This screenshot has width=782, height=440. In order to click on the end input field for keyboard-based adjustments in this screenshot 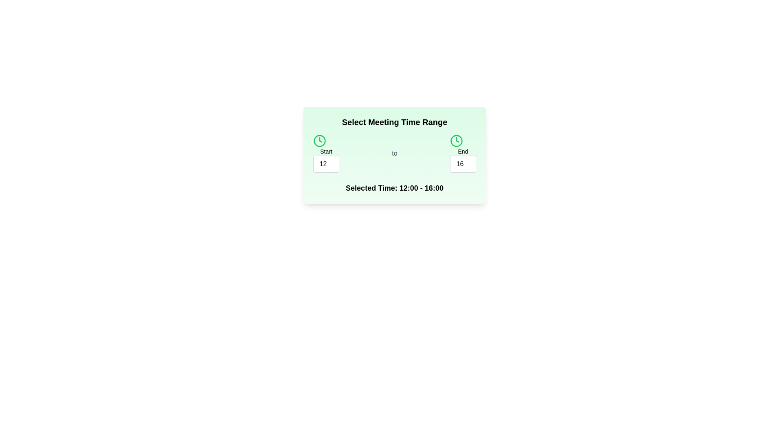, I will do `click(463, 164)`.